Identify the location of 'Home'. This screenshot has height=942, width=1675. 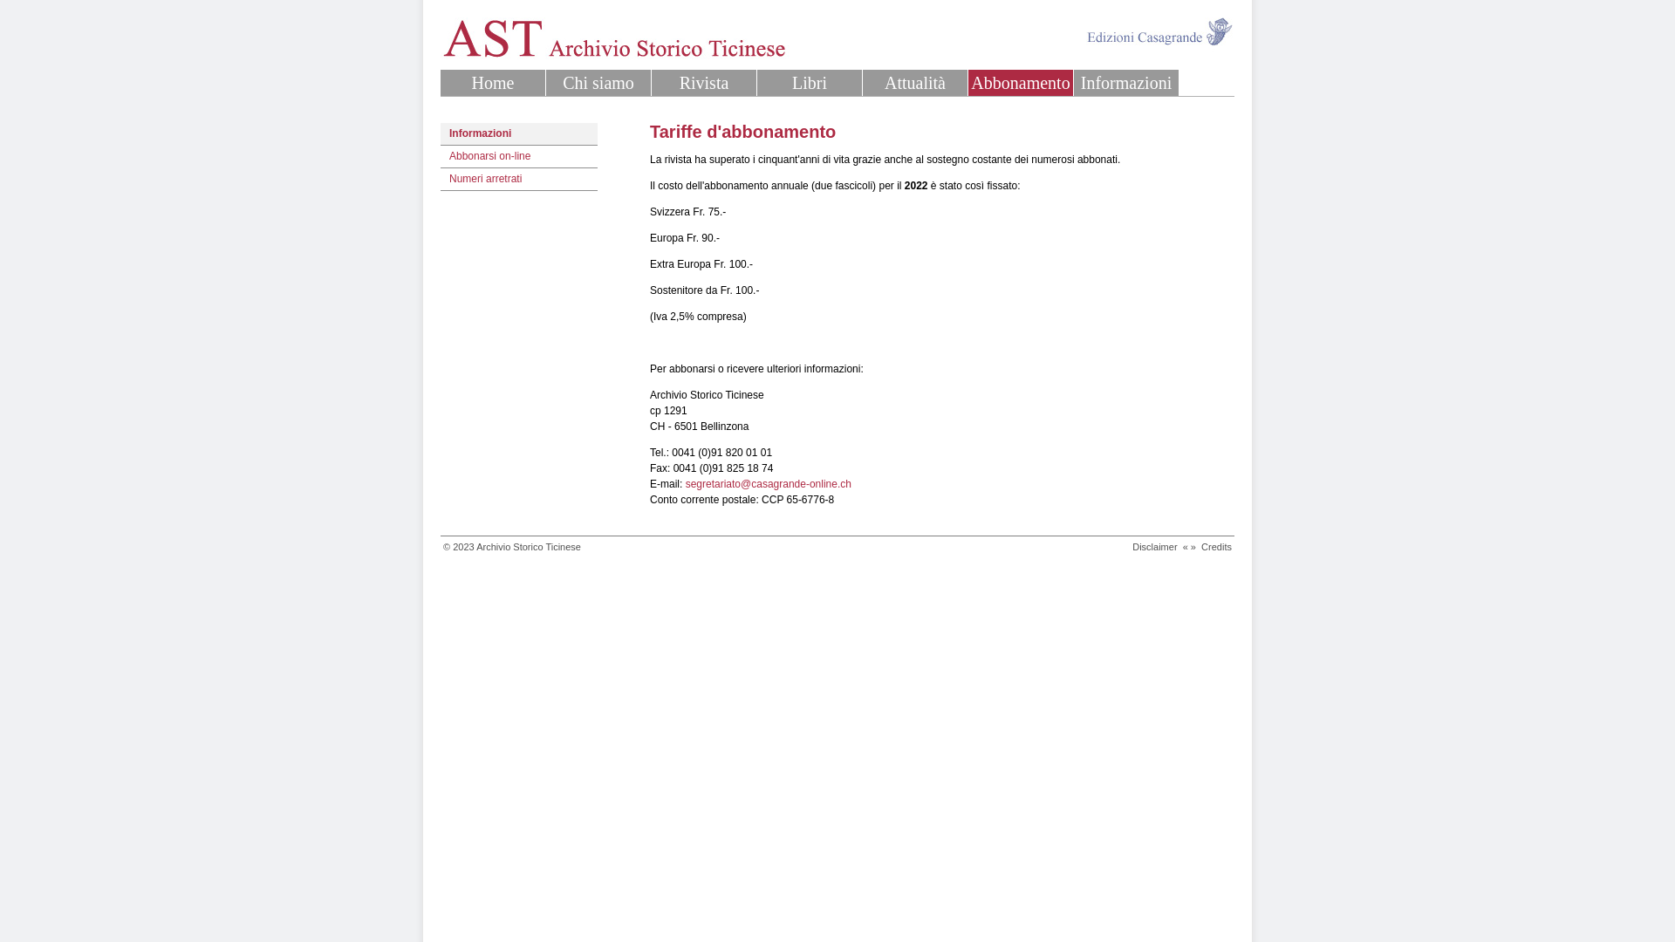
(492, 83).